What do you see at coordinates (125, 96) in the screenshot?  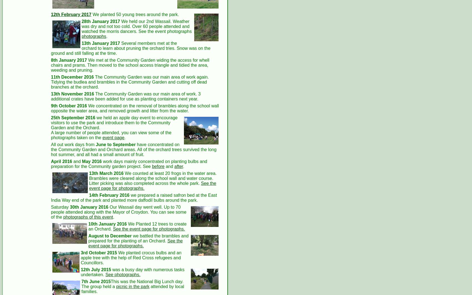 I see `'The Community Garden was our main area of work. 3 additional crates have been added for use as planting containers next year.'` at bounding box center [125, 96].